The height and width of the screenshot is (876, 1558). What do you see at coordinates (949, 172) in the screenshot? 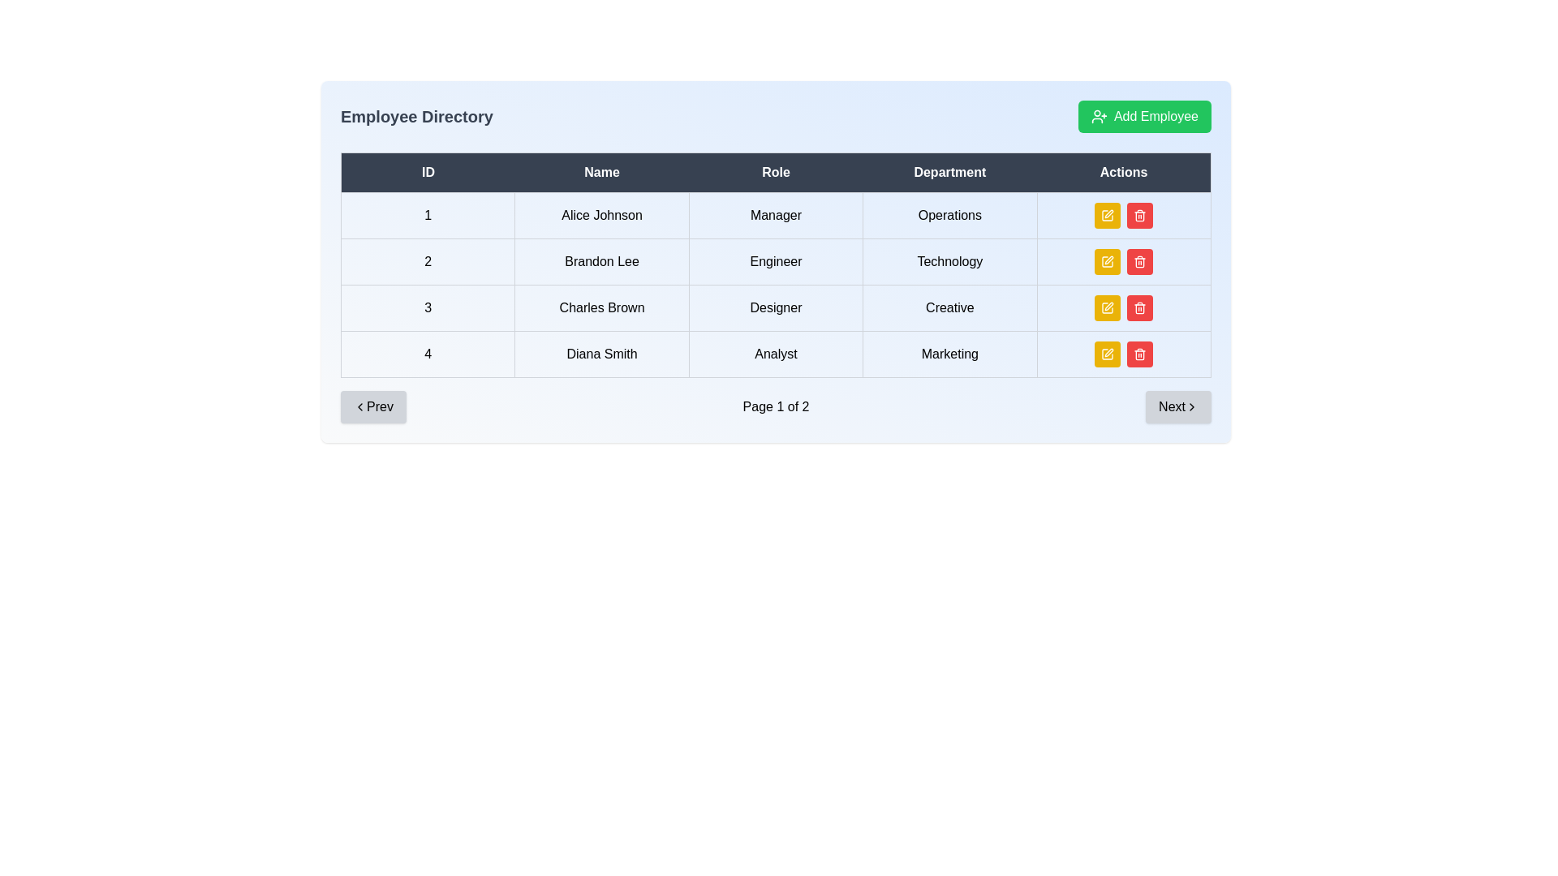
I see `the header cell labeled 'Department', which has a dark background and bold white text, positioned between the 'Role' and 'Actions' headers in the top-right section of the table` at bounding box center [949, 172].